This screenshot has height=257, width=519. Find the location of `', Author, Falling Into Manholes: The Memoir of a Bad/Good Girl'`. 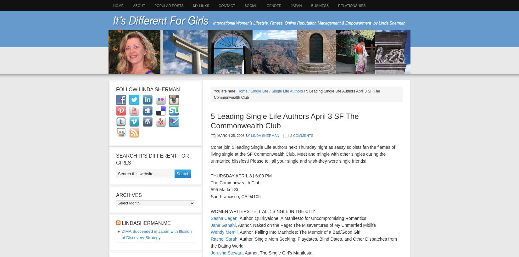

', Author, Falling Into Manholes: The Memoir of a Bad/Good Girl' is located at coordinates (237, 232).